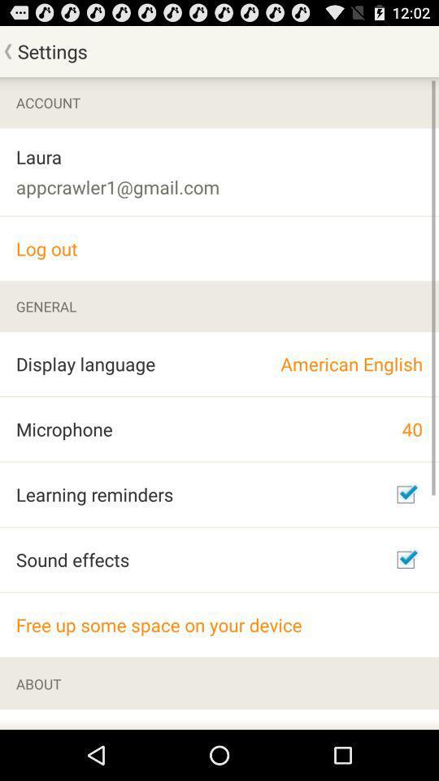 This screenshot has width=439, height=781. Describe the element at coordinates (219, 248) in the screenshot. I see `the item below the appcrawler1@gmail.com icon` at that location.